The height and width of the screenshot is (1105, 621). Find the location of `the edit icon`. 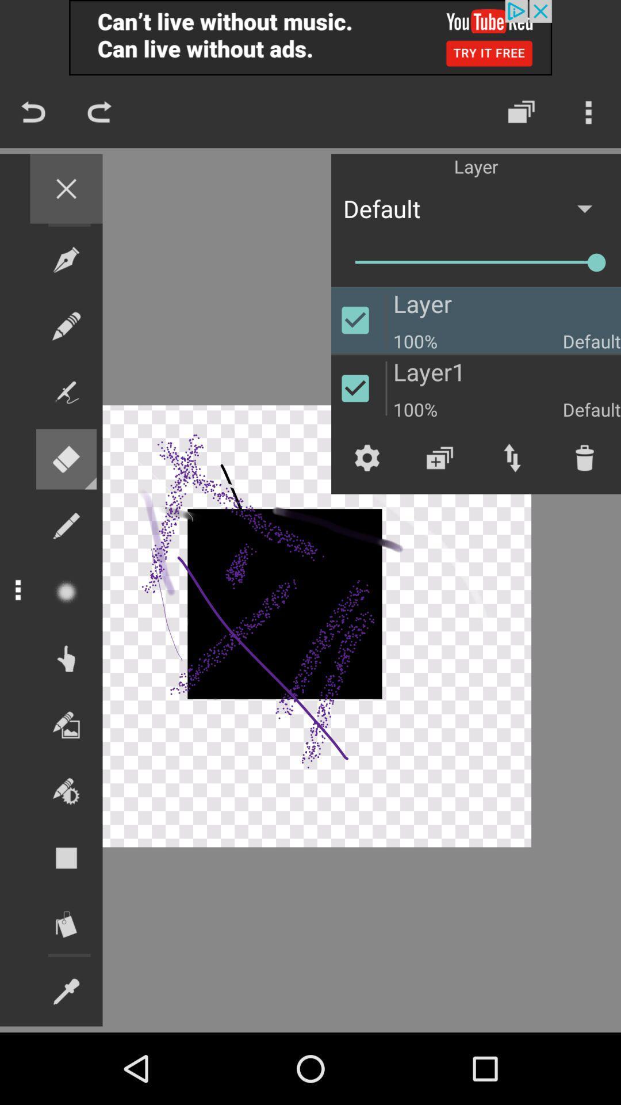

the edit icon is located at coordinates (66, 991).